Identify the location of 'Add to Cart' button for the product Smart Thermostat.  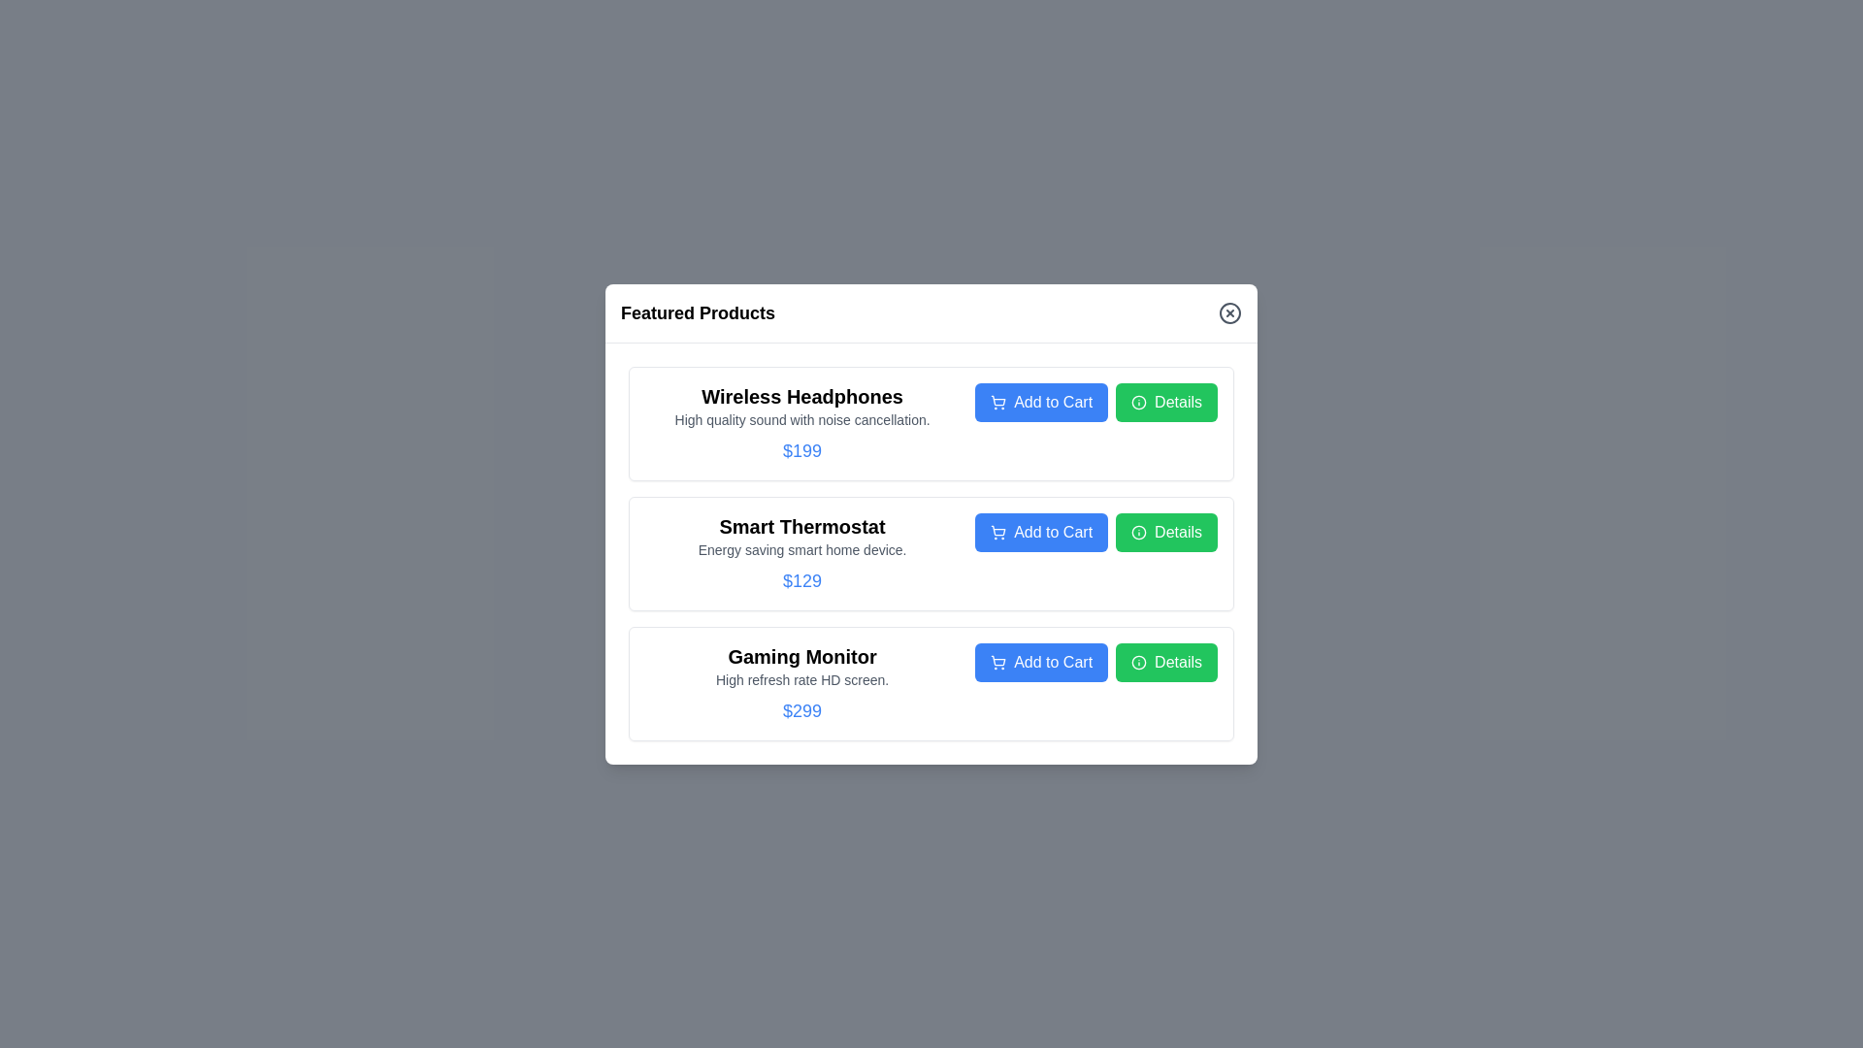
(1040, 532).